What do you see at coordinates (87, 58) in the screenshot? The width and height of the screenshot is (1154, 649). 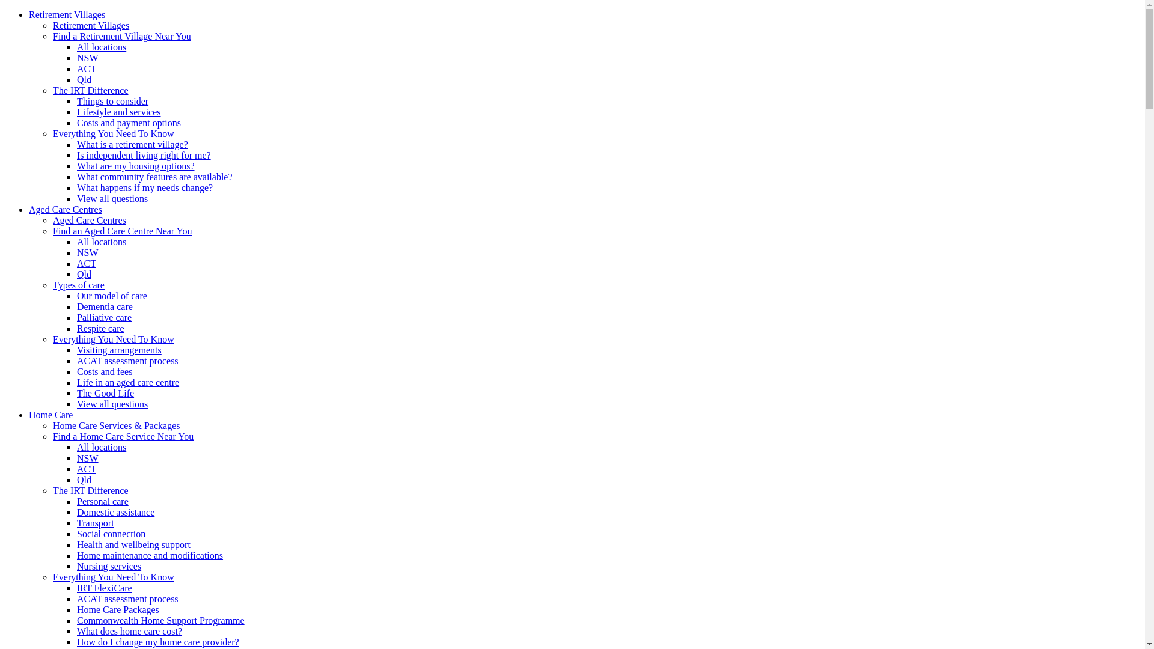 I see `'NSW'` at bounding box center [87, 58].